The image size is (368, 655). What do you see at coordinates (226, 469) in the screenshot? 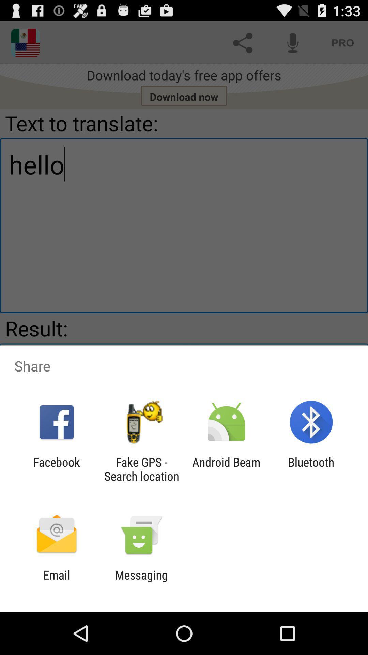
I see `the android beam` at bounding box center [226, 469].